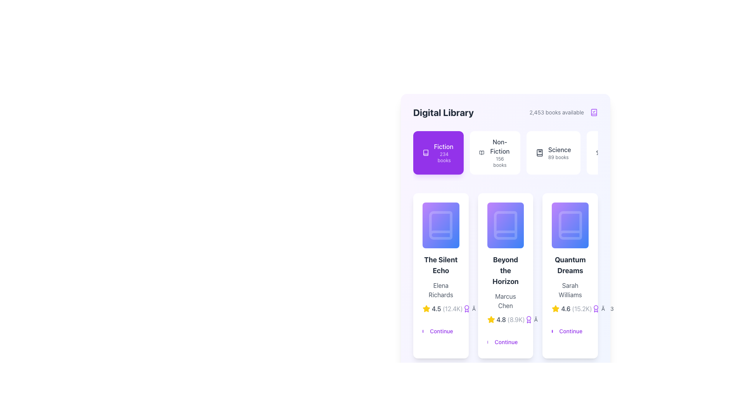 This screenshot has width=745, height=419. What do you see at coordinates (436, 308) in the screenshot?
I see `the Text Label that visually represents the rating value for 'The Silent Echo' card, located centrally at the bottom of the card layout, adjacent to a yellow star icon and gray text '(12.4K)'` at bounding box center [436, 308].